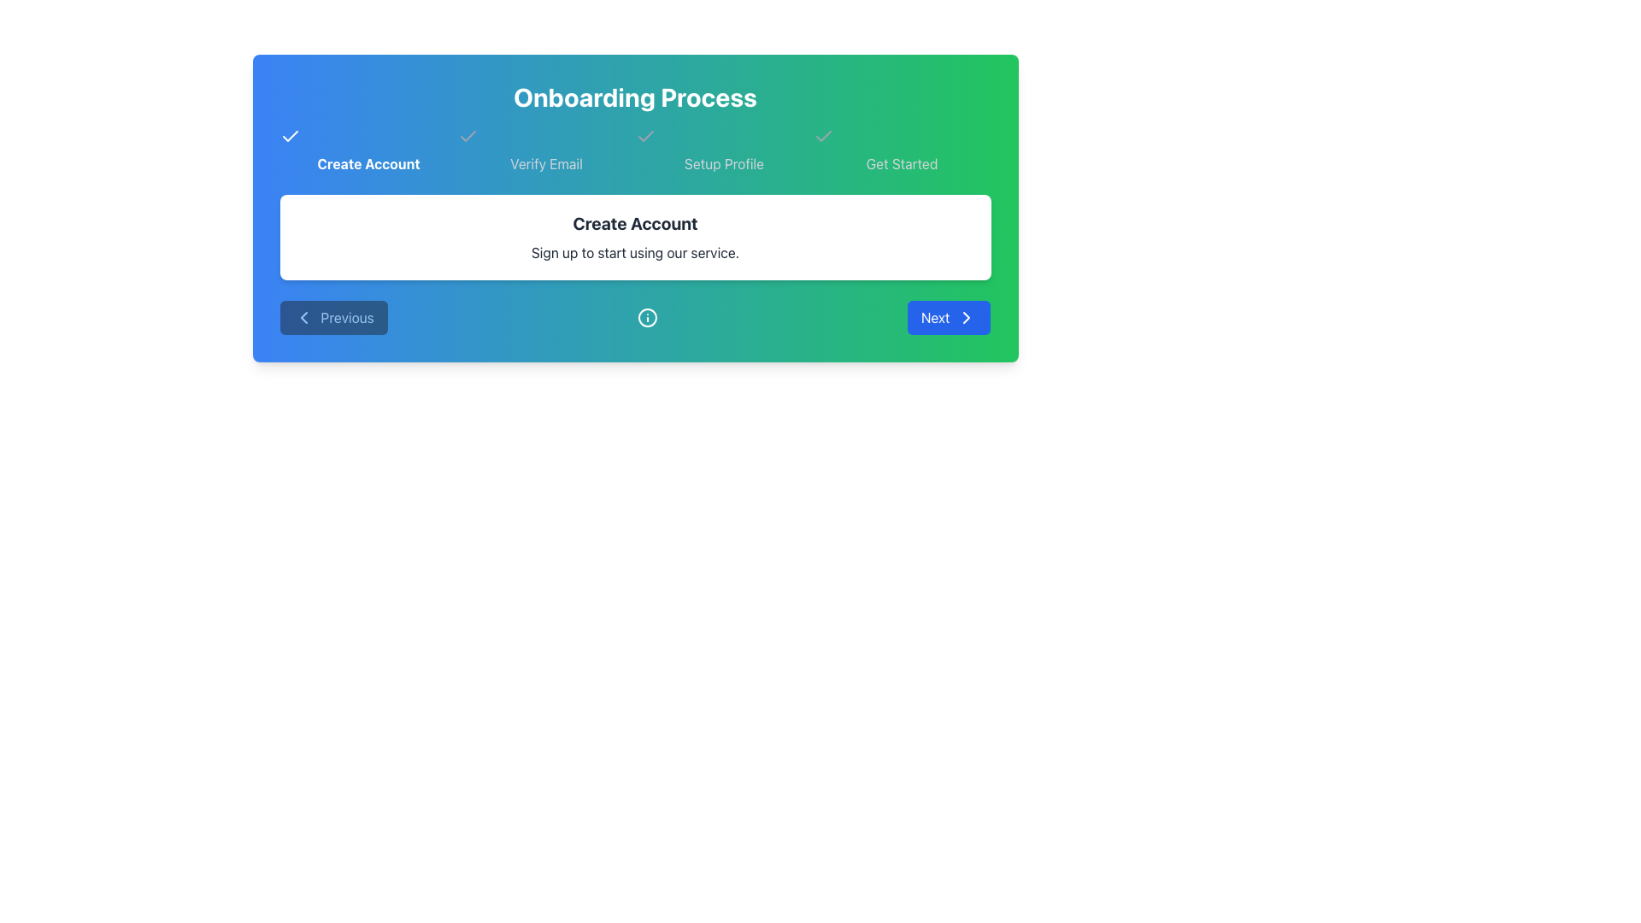  I want to click on the 'Previous' navigation button located at the bottom-left corner of the onboarding interface, which contains the icon for navigating to the previous step, so click(303, 317).